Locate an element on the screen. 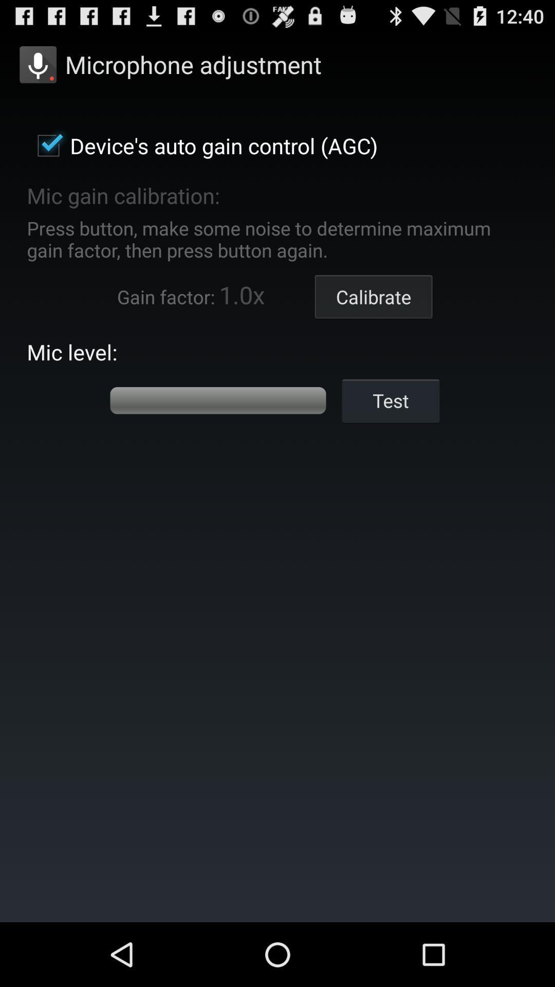 This screenshot has height=987, width=555. device s auto item is located at coordinates (202, 145).